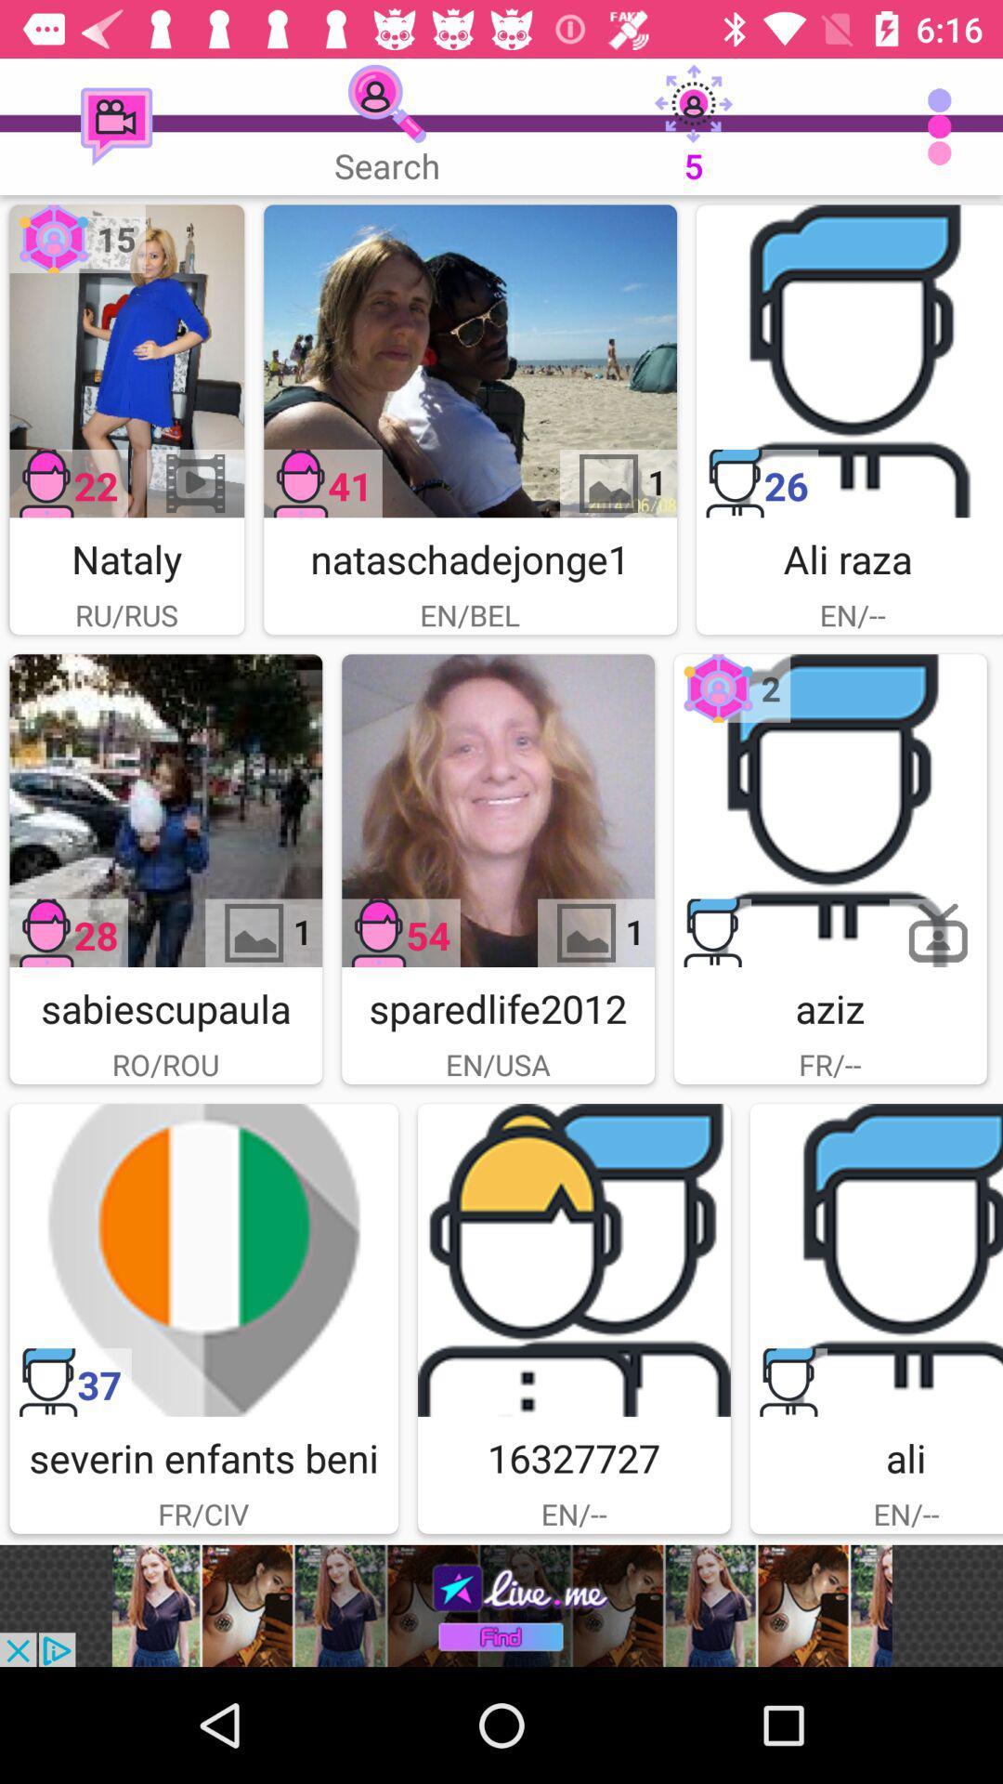 This screenshot has width=1003, height=1784. I want to click on open picture, so click(125, 361).